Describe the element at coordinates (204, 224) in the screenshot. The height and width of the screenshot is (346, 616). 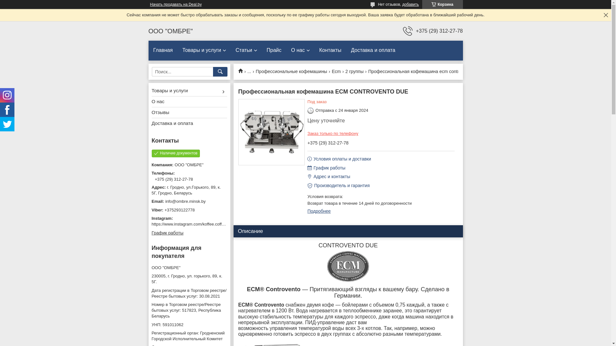
I see `'https://www.instagram.com/koffee.coffeemachines/?hl=ru'` at that location.